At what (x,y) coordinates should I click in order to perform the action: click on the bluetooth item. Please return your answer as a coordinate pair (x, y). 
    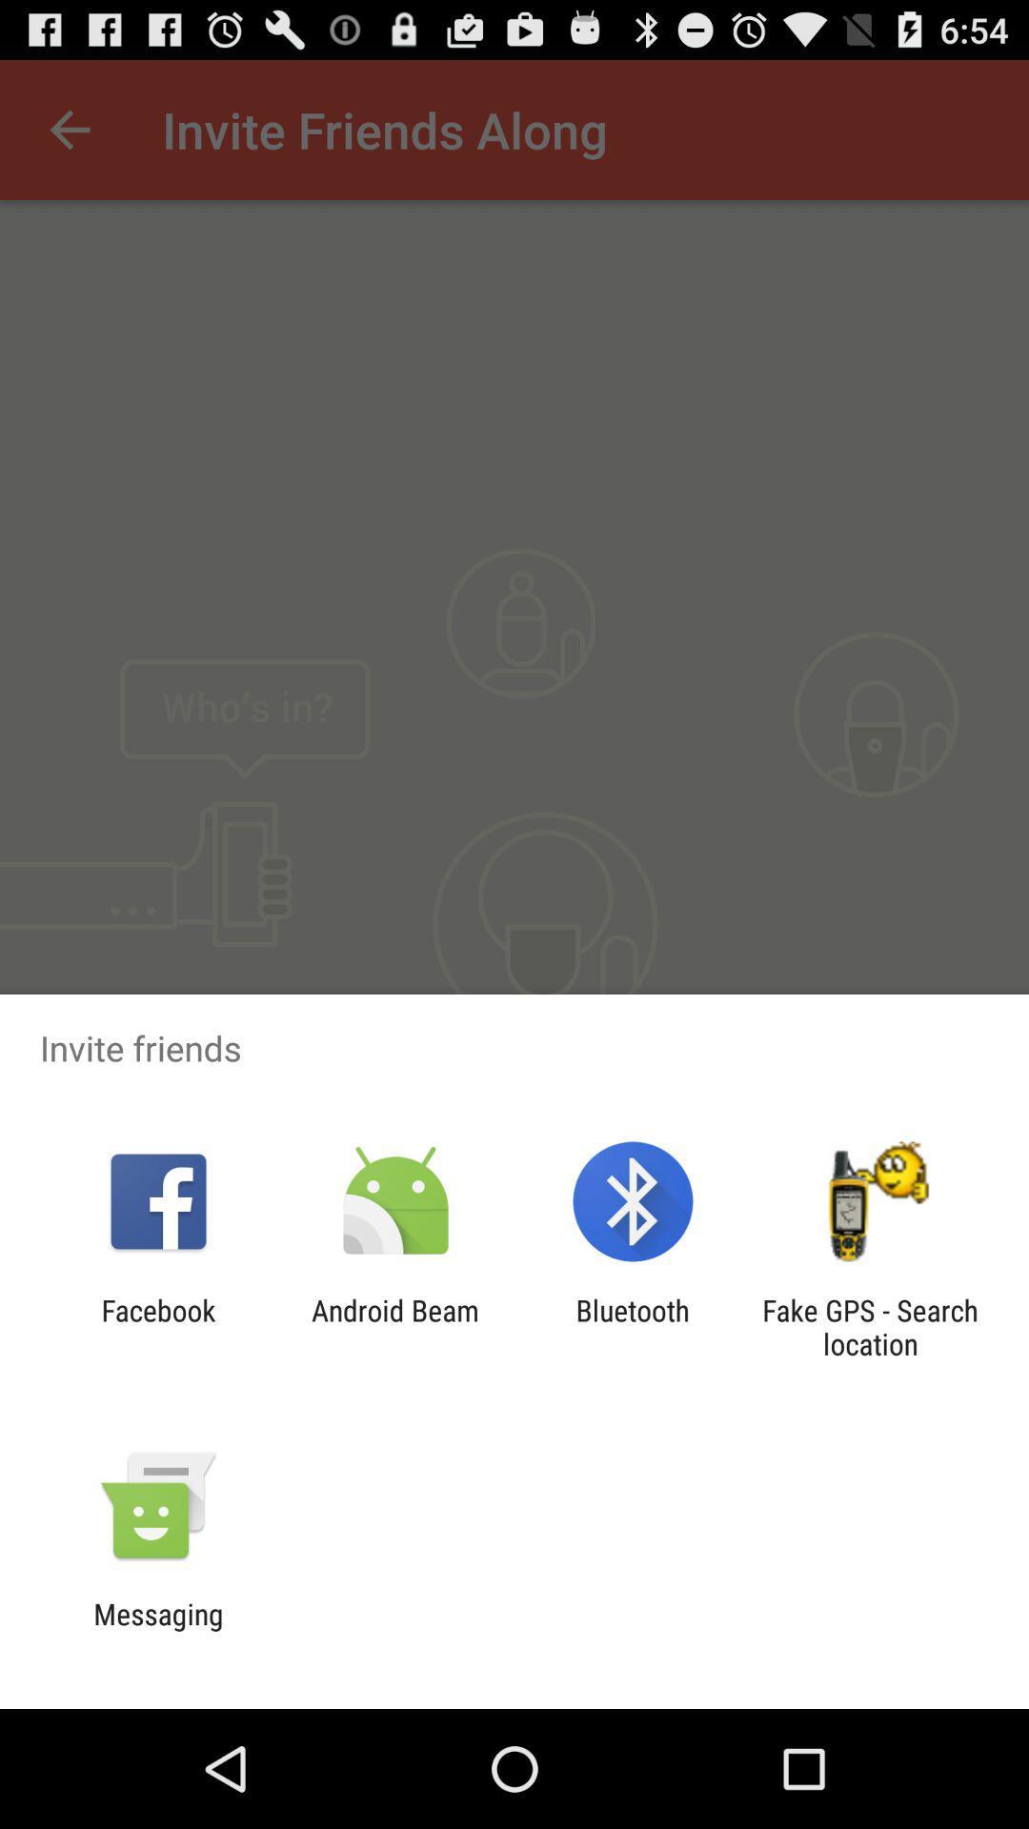
    Looking at the image, I should click on (633, 1326).